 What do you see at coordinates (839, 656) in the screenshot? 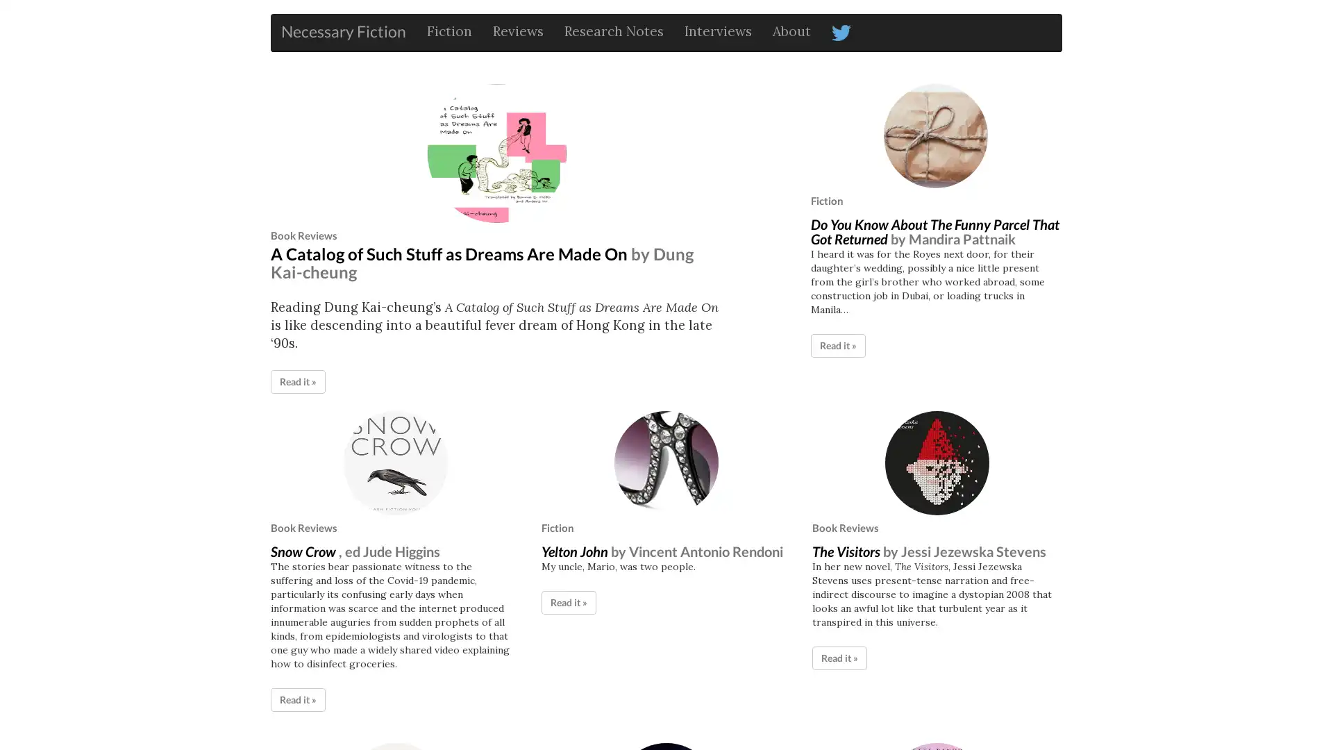
I see `Read it` at bounding box center [839, 656].